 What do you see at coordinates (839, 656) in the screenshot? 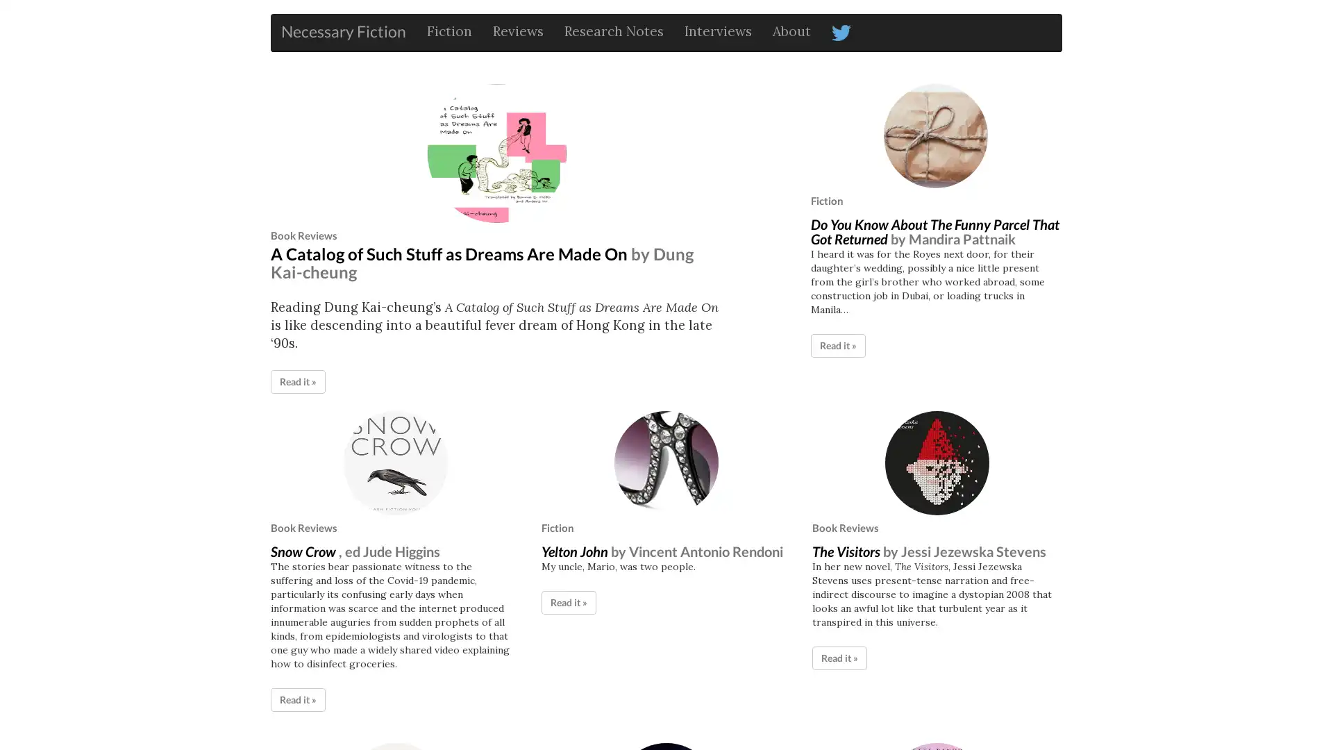
I see `Read it` at bounding box center [839, 656].